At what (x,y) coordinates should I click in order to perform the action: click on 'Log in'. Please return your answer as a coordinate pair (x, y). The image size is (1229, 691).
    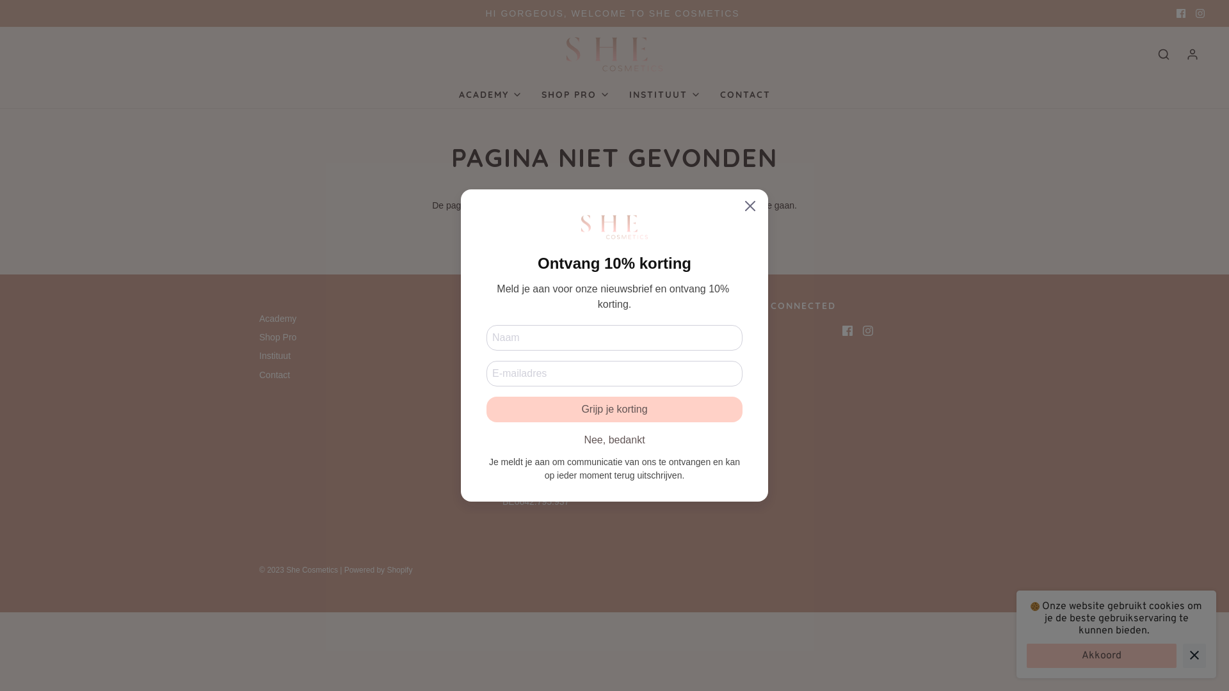
    Looking at the image, I should click on (1191, 53).